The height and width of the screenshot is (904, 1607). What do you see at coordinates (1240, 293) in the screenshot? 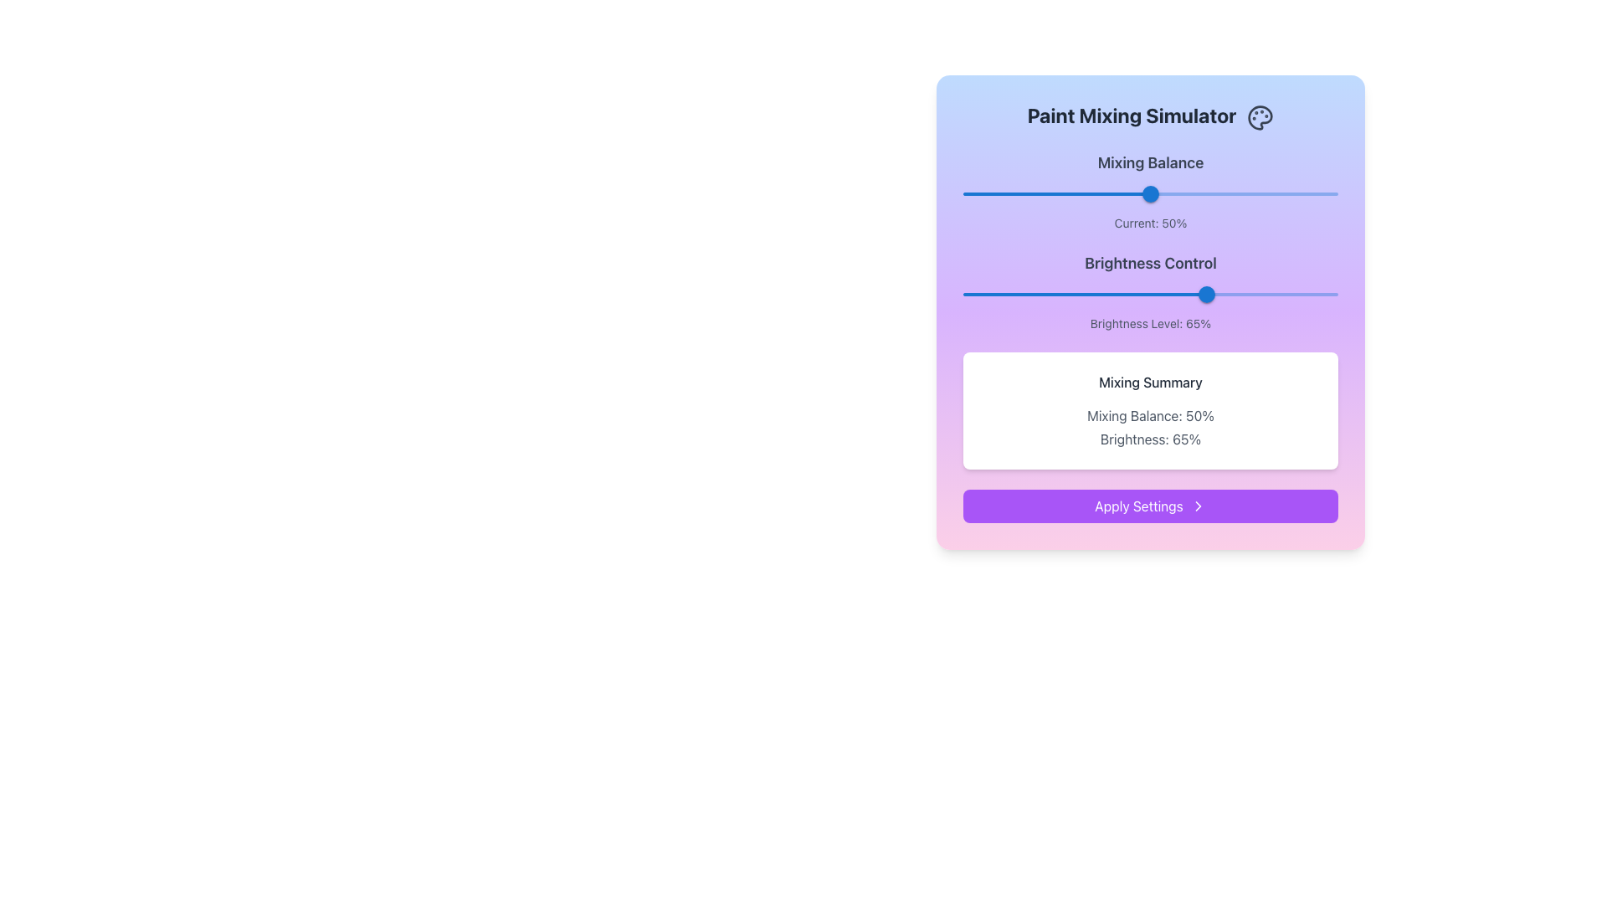
I see `the brightness level` at bounding box center [1240, 293].